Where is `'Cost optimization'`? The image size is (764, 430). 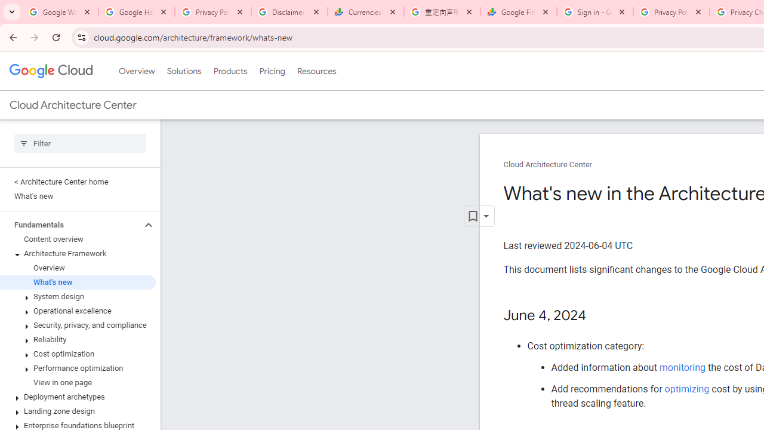 'Cost optimization' is located at coordinates (77, 353).